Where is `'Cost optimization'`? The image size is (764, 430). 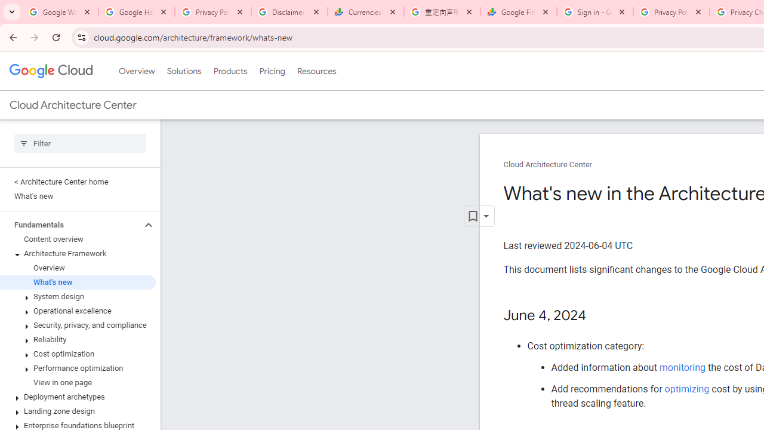 'Cost optimization' is located at coordinates (77, 353).